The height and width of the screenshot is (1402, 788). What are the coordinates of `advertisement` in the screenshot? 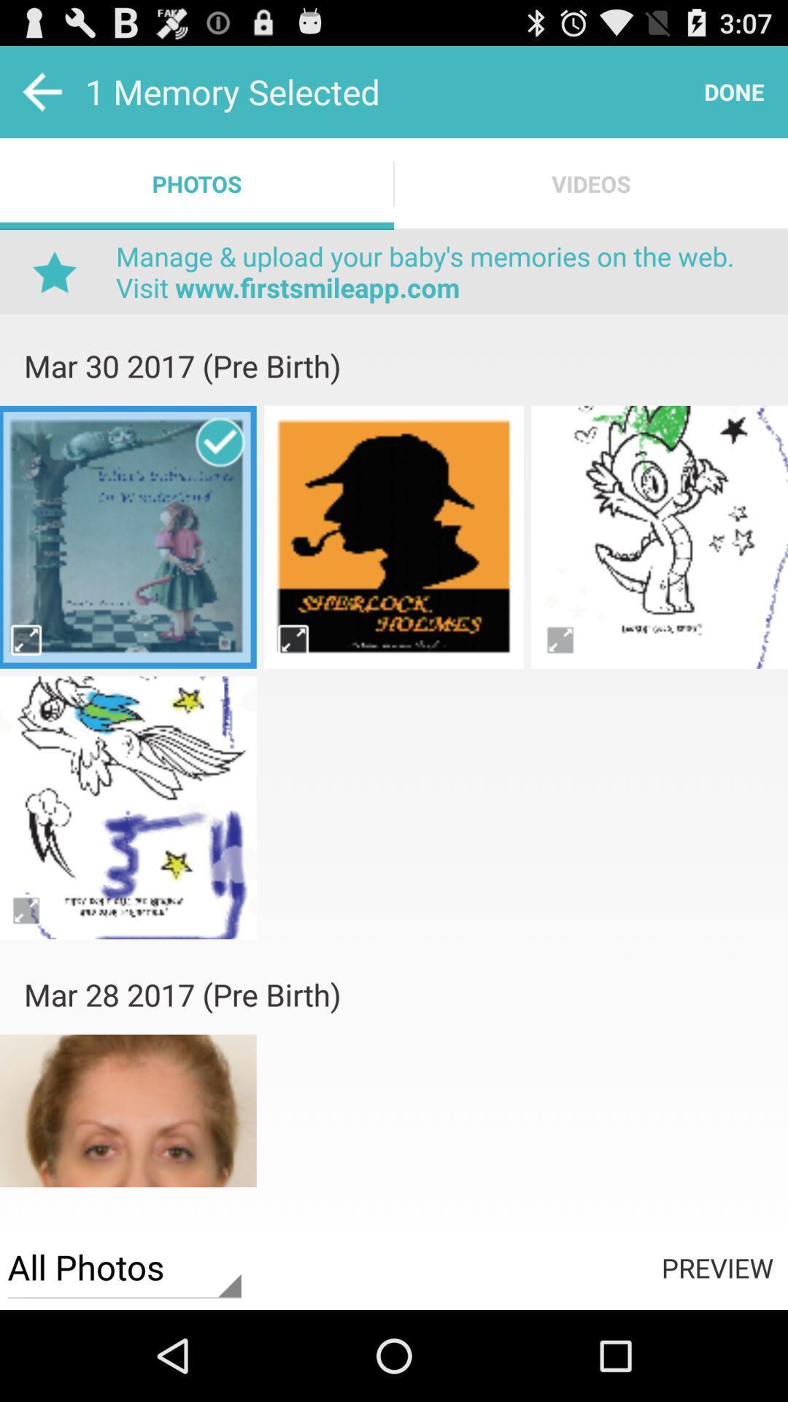 It's located at (394, 692).